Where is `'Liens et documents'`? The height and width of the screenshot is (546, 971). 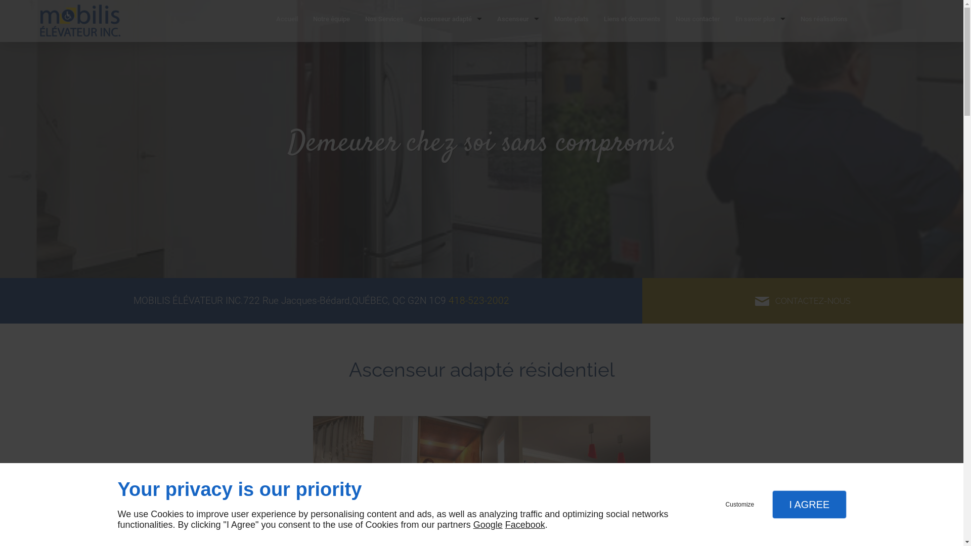
'Liens et documents' is located at coordinates (631, 21).